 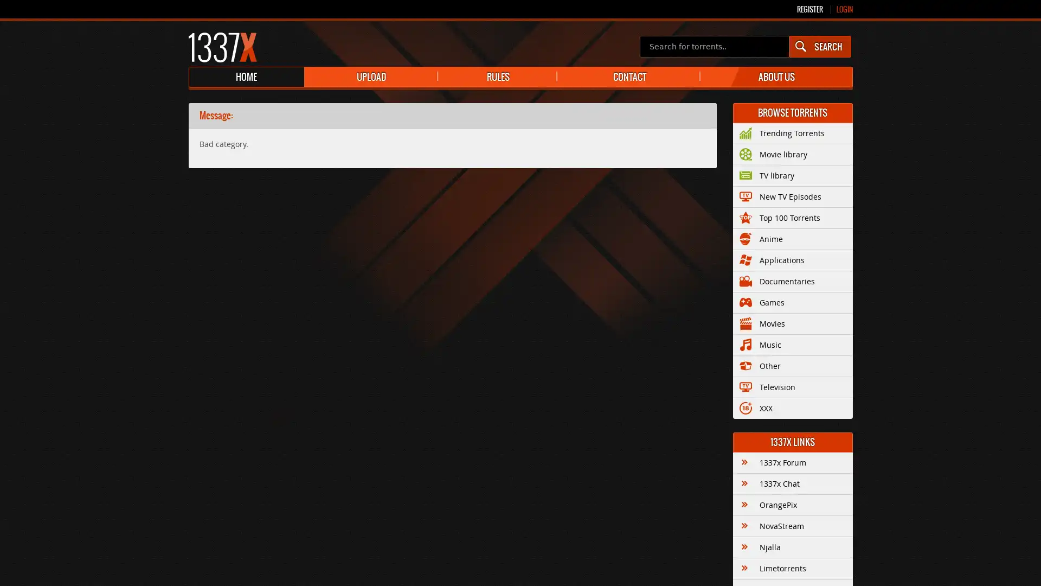 What do you see at coordinates (820, 46) in the screenshot?
I see `SEARCH` at bounding box center [820, 46].